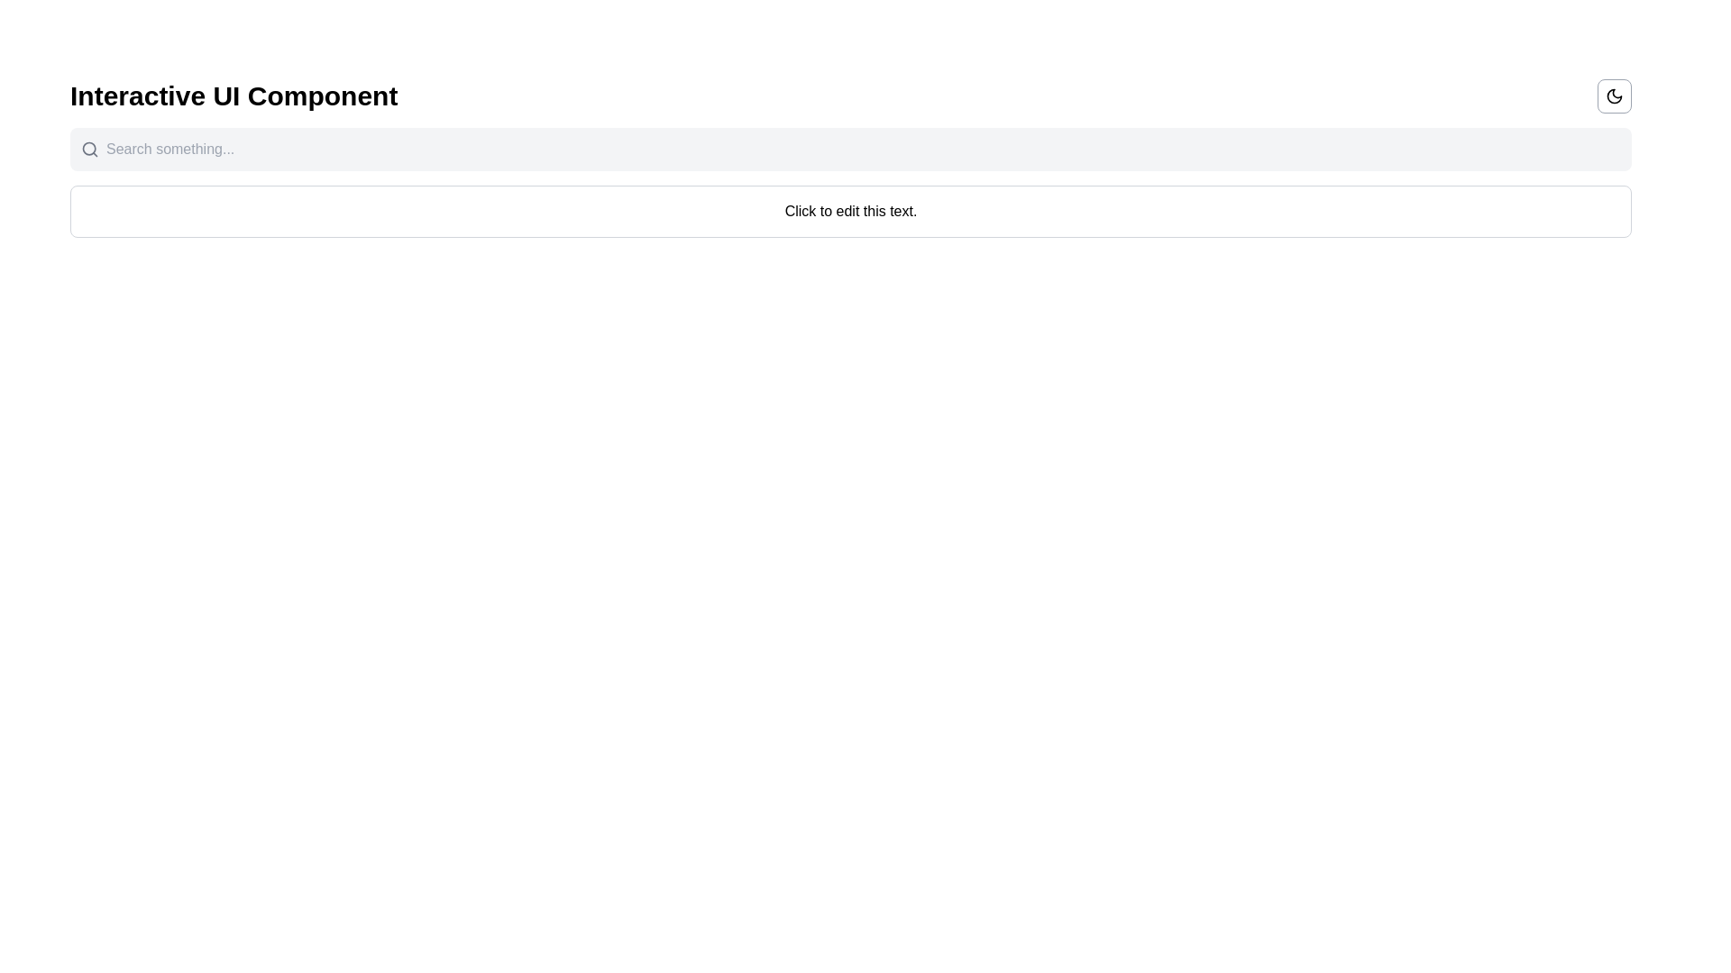 This screenshot has width=1731, height=973. What do you see at coordinates (1614, 96) in the screenshot?
I see `the circular crescent moon icon located at the top-right corner of the interface` at bounding box center [1614, 96].